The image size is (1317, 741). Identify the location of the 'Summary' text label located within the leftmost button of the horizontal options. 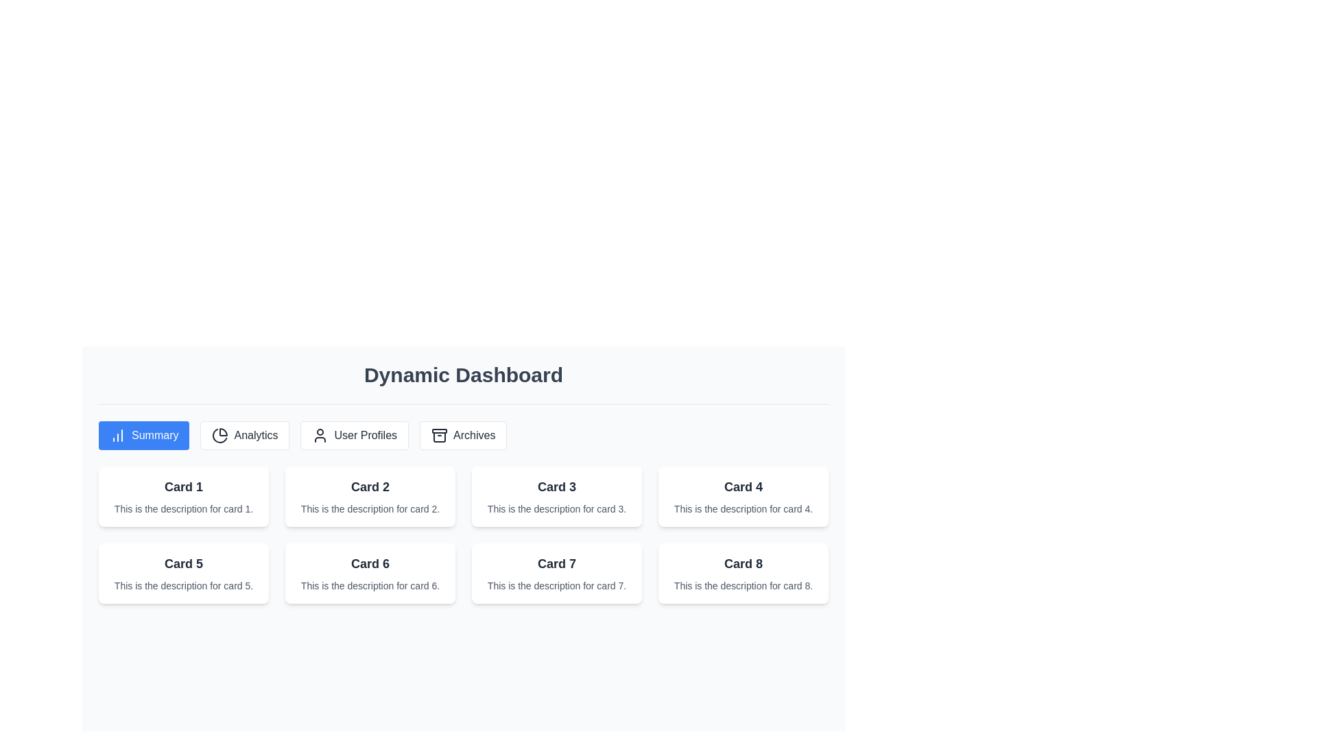
(144, 436).